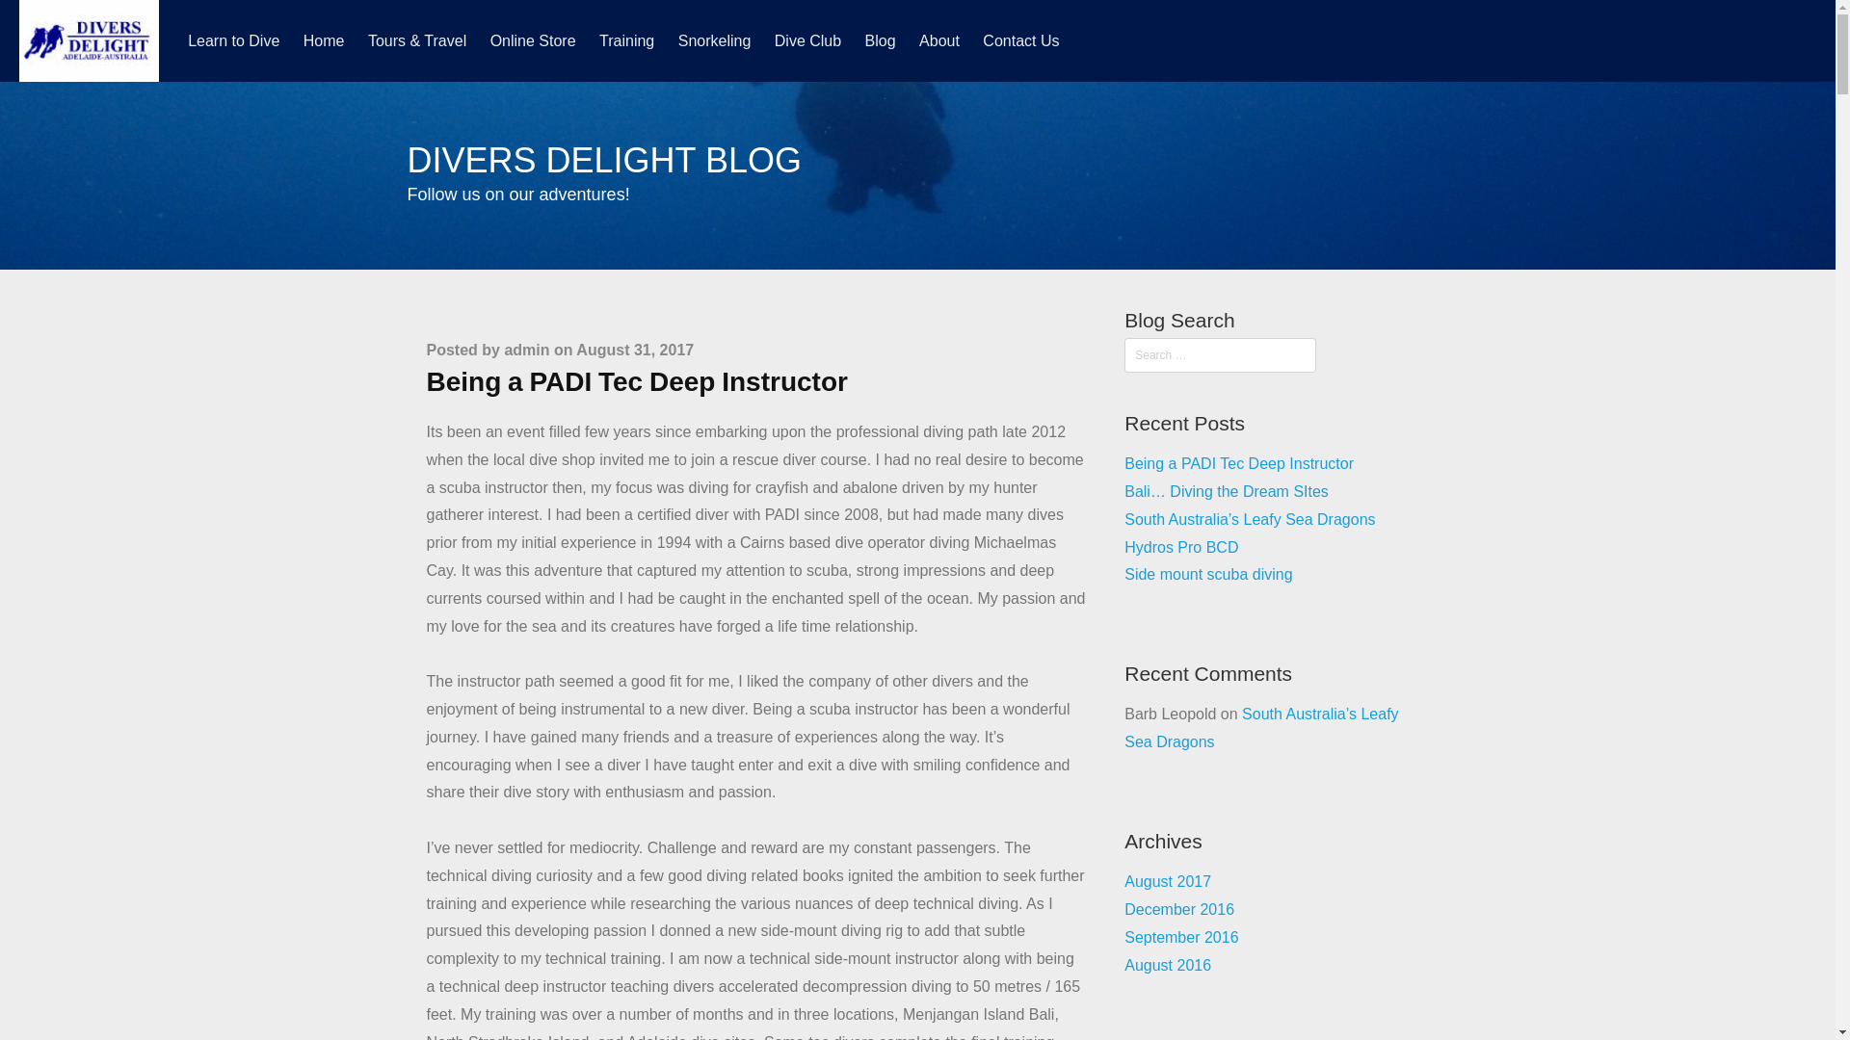 This screenshot has width=1850, height=1040. What do you see at coordinates (358, 40) in the screenshot?
I see `'Tours & Travel'` at bounding box center [358, 40].